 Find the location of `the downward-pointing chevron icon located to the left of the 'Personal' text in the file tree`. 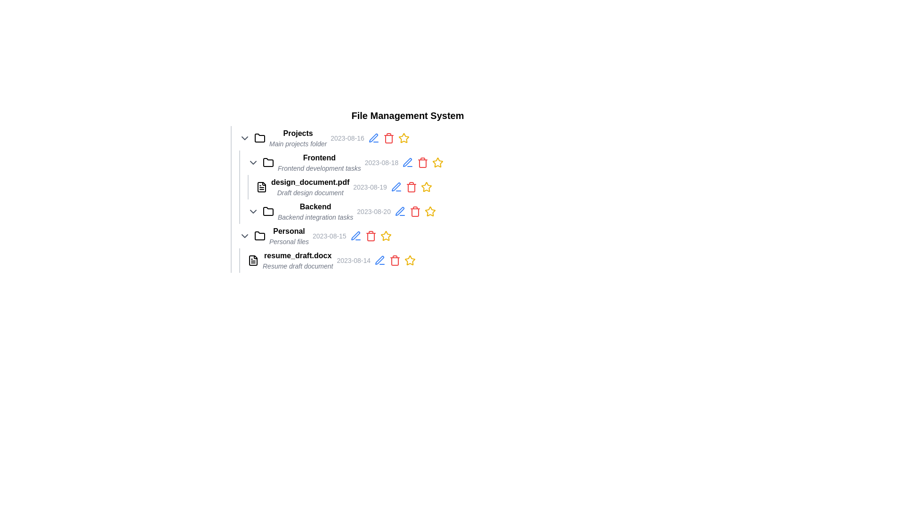

the downward-pointing chevron icon located to the left of the 'Personal' text in the file tree is located at coordinates (244, 235).